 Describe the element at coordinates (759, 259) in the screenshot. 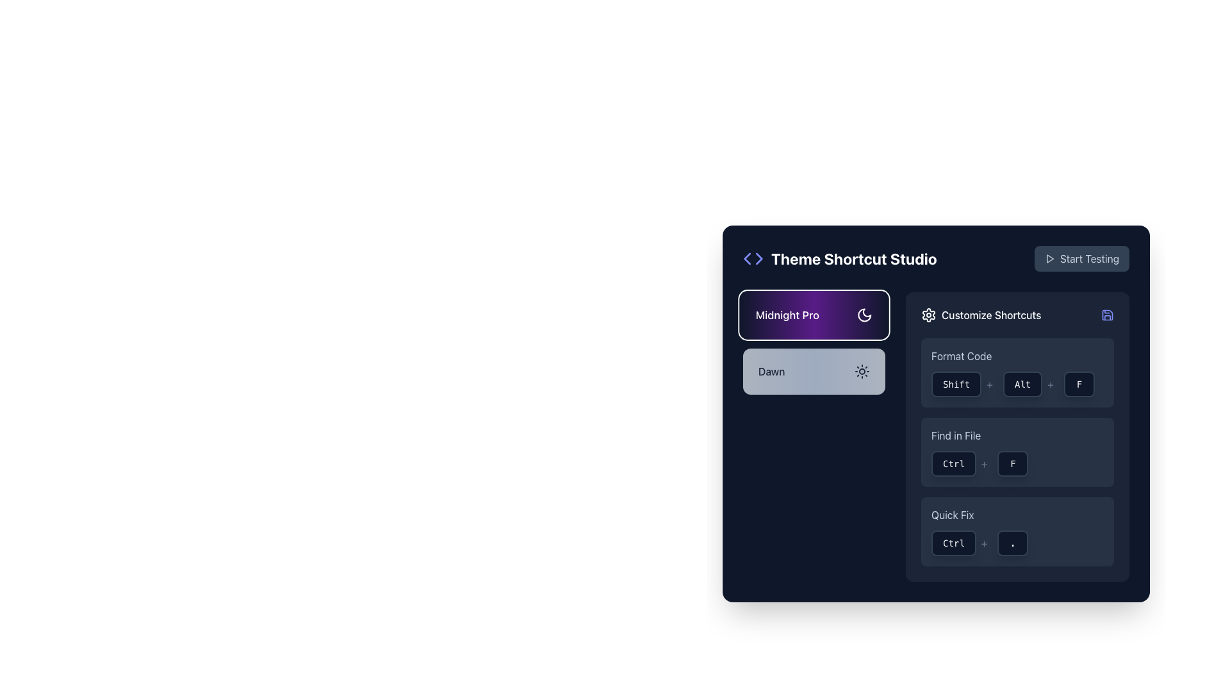

I see `the second triangular SVG graphic located in the top-left corner of the interface, positioned to the right of another triangular shape` at that location.